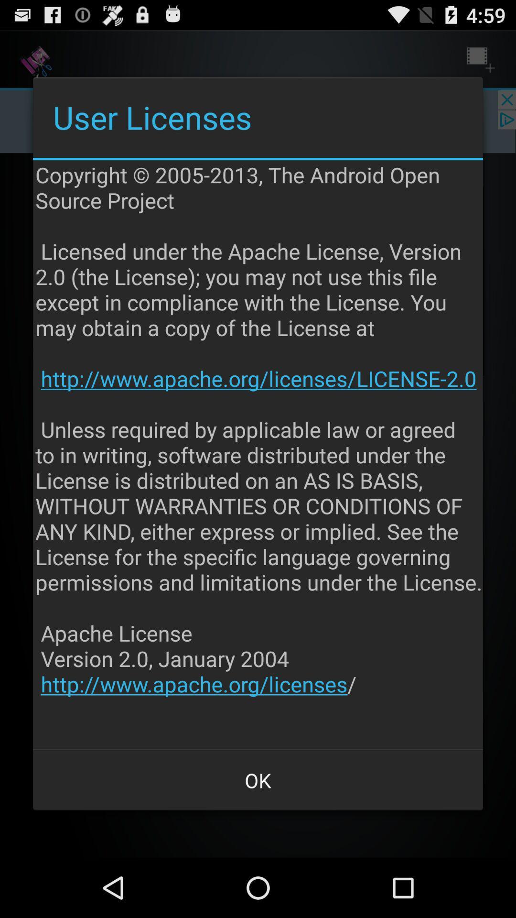 The height and width of the screenshot is (918, 516). What do you see at coordinates (259, 454) in the screenshot?
I see `item at the center` at bounding box center [259, 454].